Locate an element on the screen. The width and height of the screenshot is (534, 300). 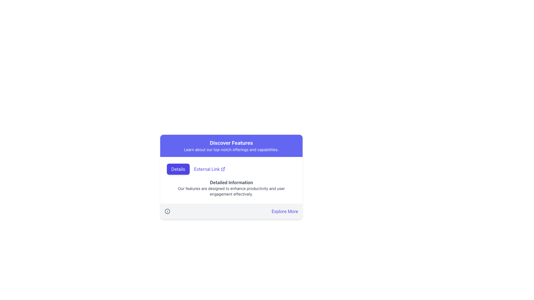
the static text that provides additional information, located within the purple banner below the title 'Discover Features' is located at coordinates (231, 149).